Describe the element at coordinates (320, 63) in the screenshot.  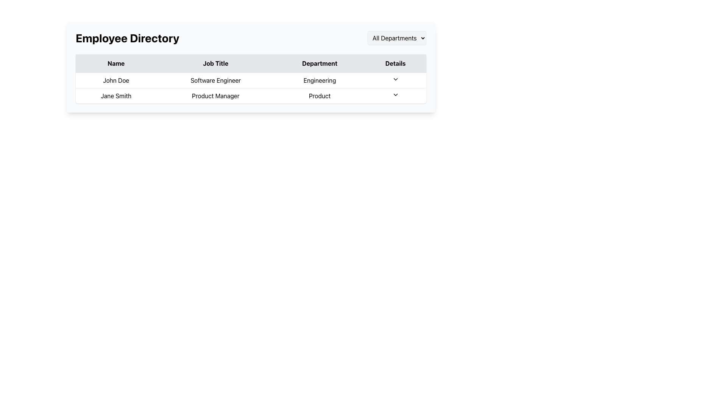
I see `the text label displaying 'Department', which is styled in black font on a light gray background, located in the header row of a table between 'Job Title' and 'Details'` at that location.